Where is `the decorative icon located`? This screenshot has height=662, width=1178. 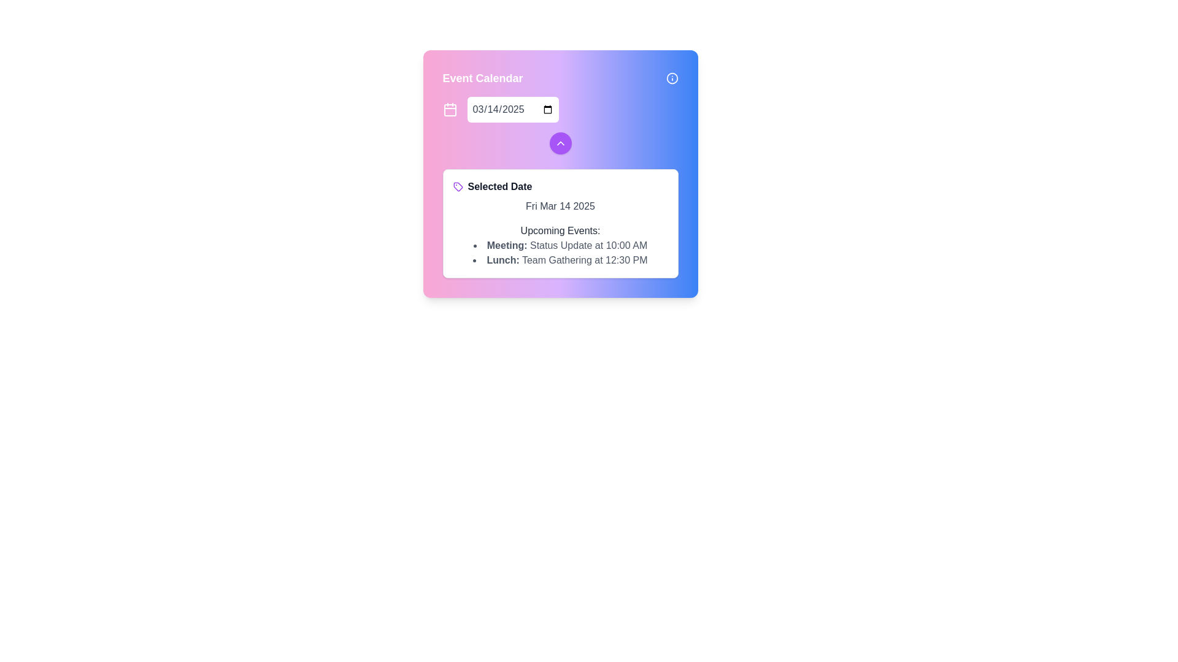 the decorative icon located is located at coordinates (449, 108).